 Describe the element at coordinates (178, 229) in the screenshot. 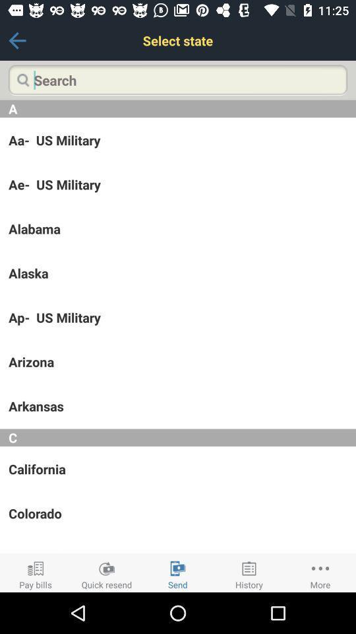

I see `alabama icon` at that location.